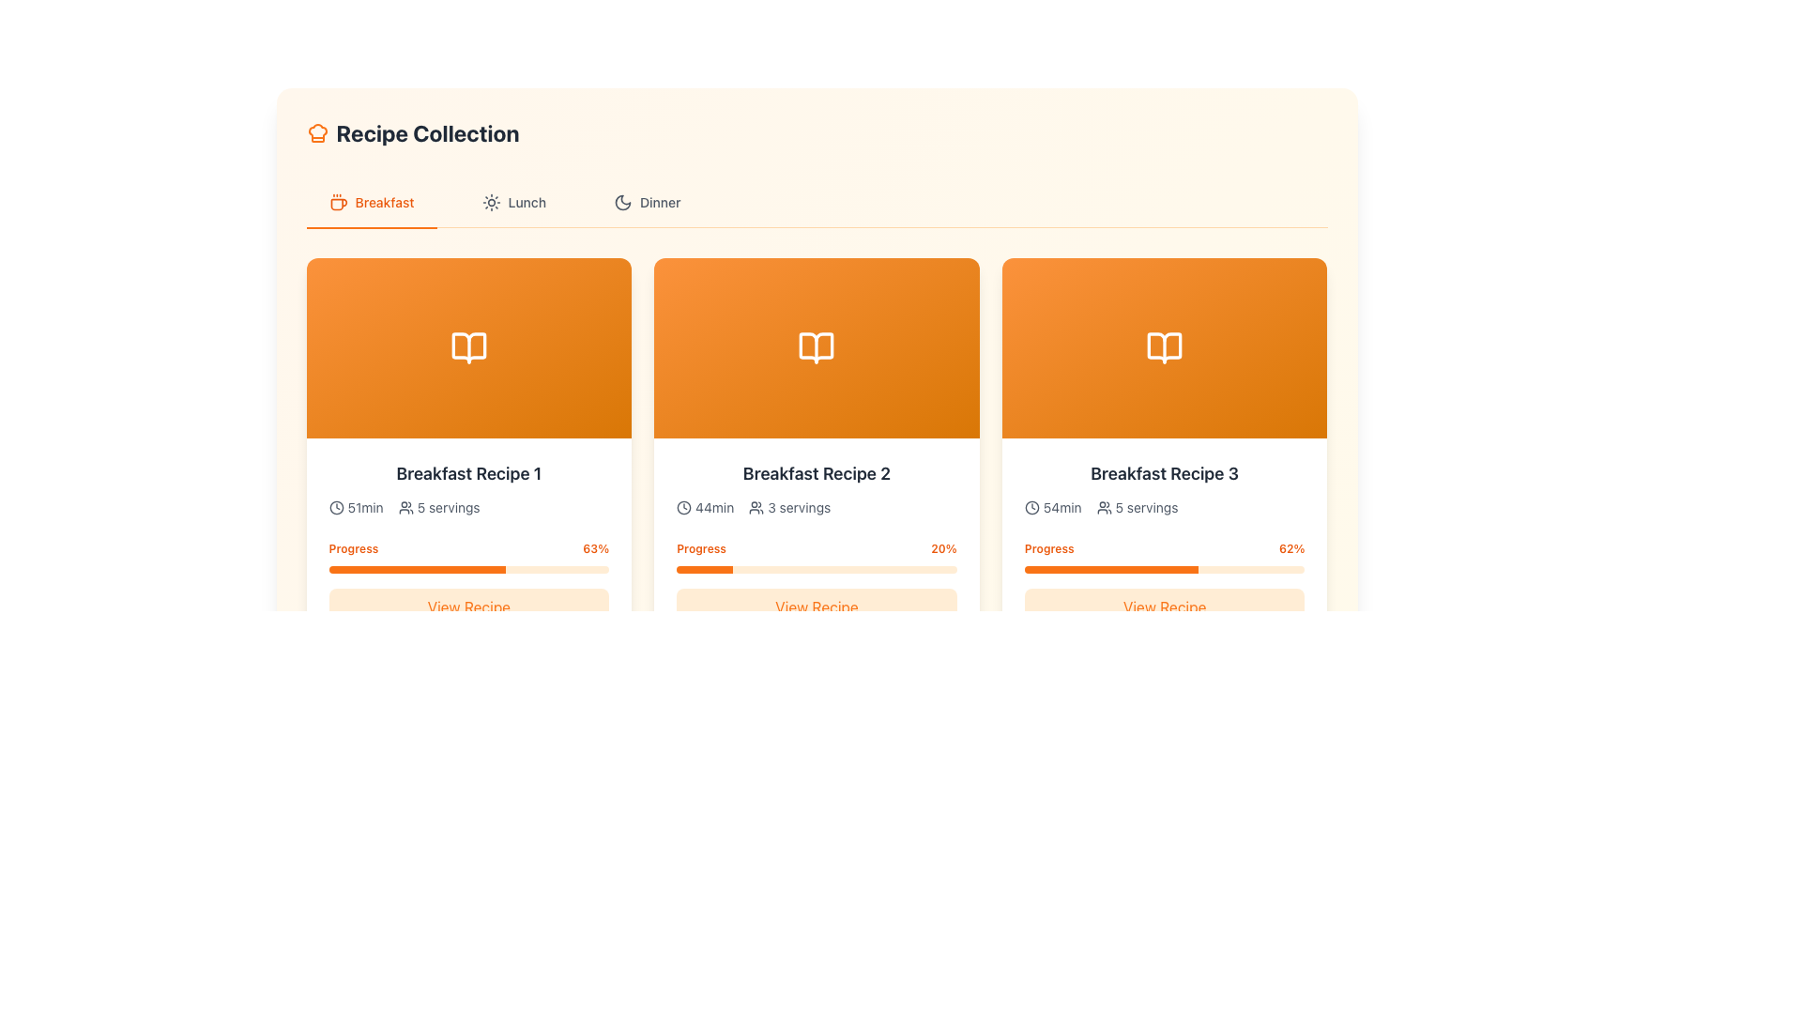 The height and width of the screenshot is (1014, 1802). Describe the element at coordinates (468, 473) in the screenshot. I see `the static text label displaying 'Breakfast Recipe 1', which is centrally located within the first recipe card under the 'Breakfast' tab` at that location.